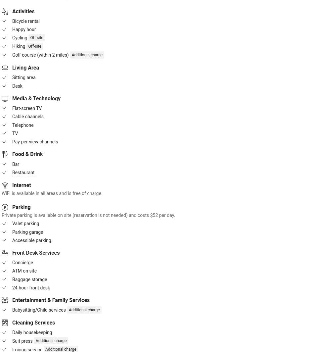  Describe the element at coordinates (24, 29) in the screenshot. I see `'Happy hour'` at that location.